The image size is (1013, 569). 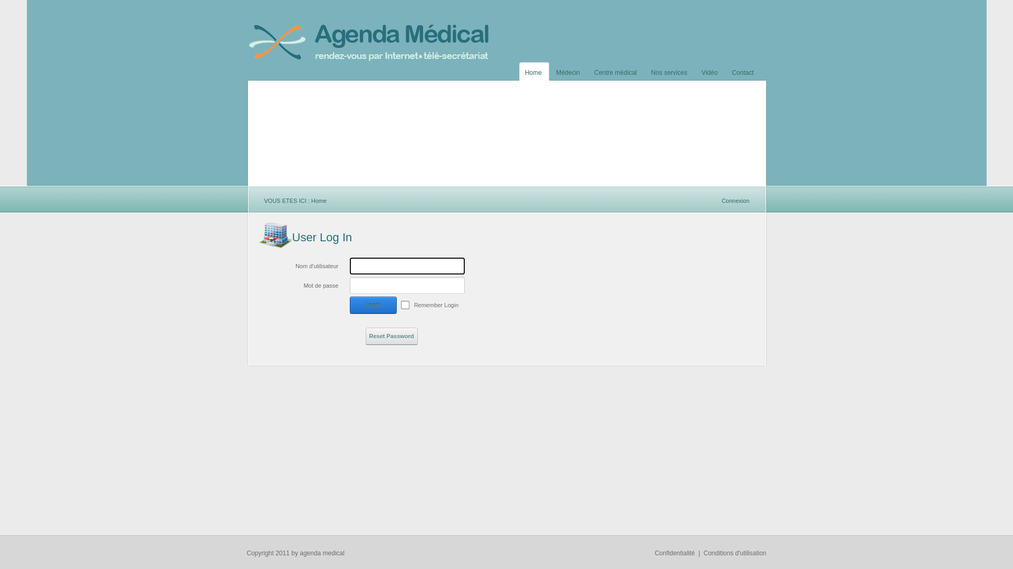 What do you see at coordinates (524, 71) in the screenshot?
I see `'Home'` at bounding box center [524, 71].